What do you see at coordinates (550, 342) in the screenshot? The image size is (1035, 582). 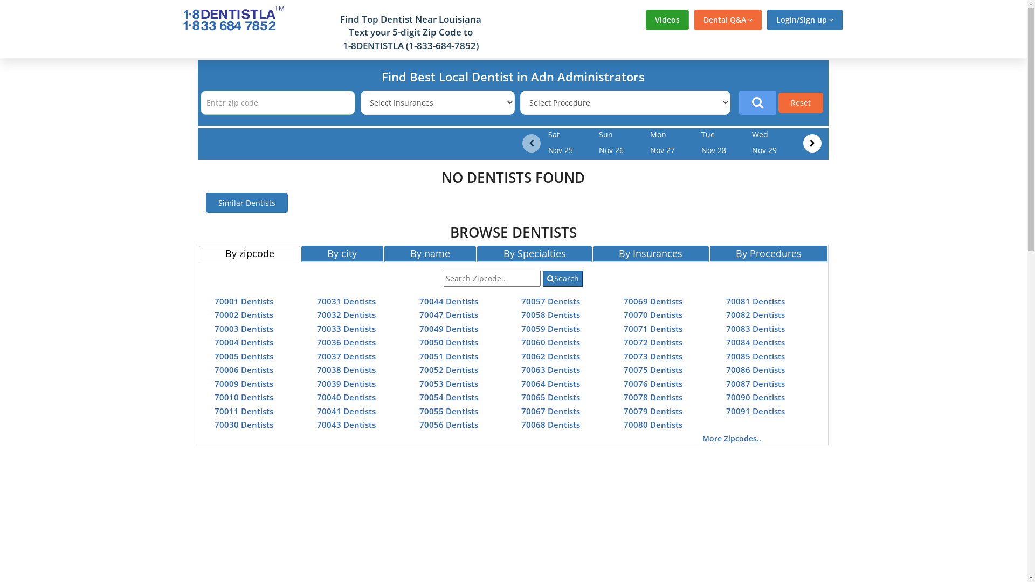 I see `'70060 Dentists'` at bounding box center [550, 342].